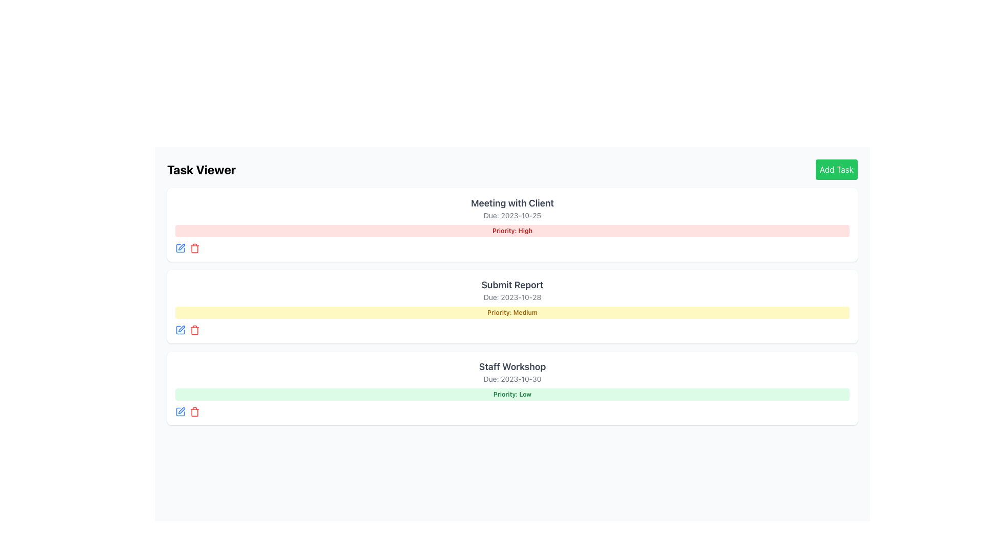 The height and width of the screenshot is (552, 982). Describe the element at coordinates (181, 248) in the screenshot. I see `the edit button located in the top-left of the first task card to initiate an edit` at that location.